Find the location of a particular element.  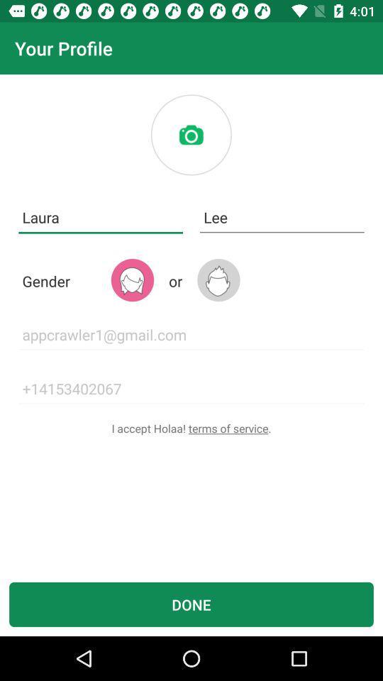

male as gender is located at coordinates (218, 279).